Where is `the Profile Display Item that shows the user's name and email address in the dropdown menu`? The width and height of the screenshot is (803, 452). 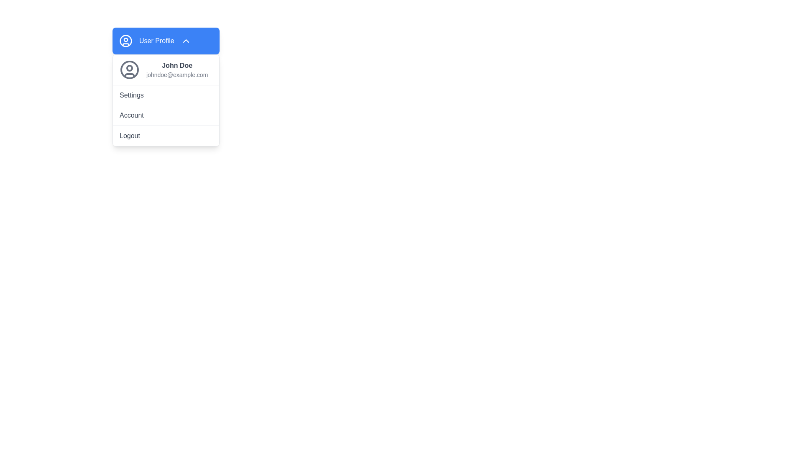
the Profile Display Item that shows the user's name and email address in the dropdown menu is located at coordinates (166, 69).